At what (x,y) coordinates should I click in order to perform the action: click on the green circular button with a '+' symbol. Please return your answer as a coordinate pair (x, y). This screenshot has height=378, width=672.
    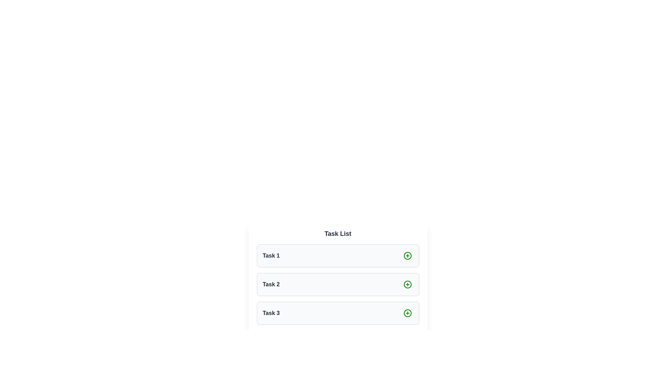
    Looking at the image, I should click on (407, 285).